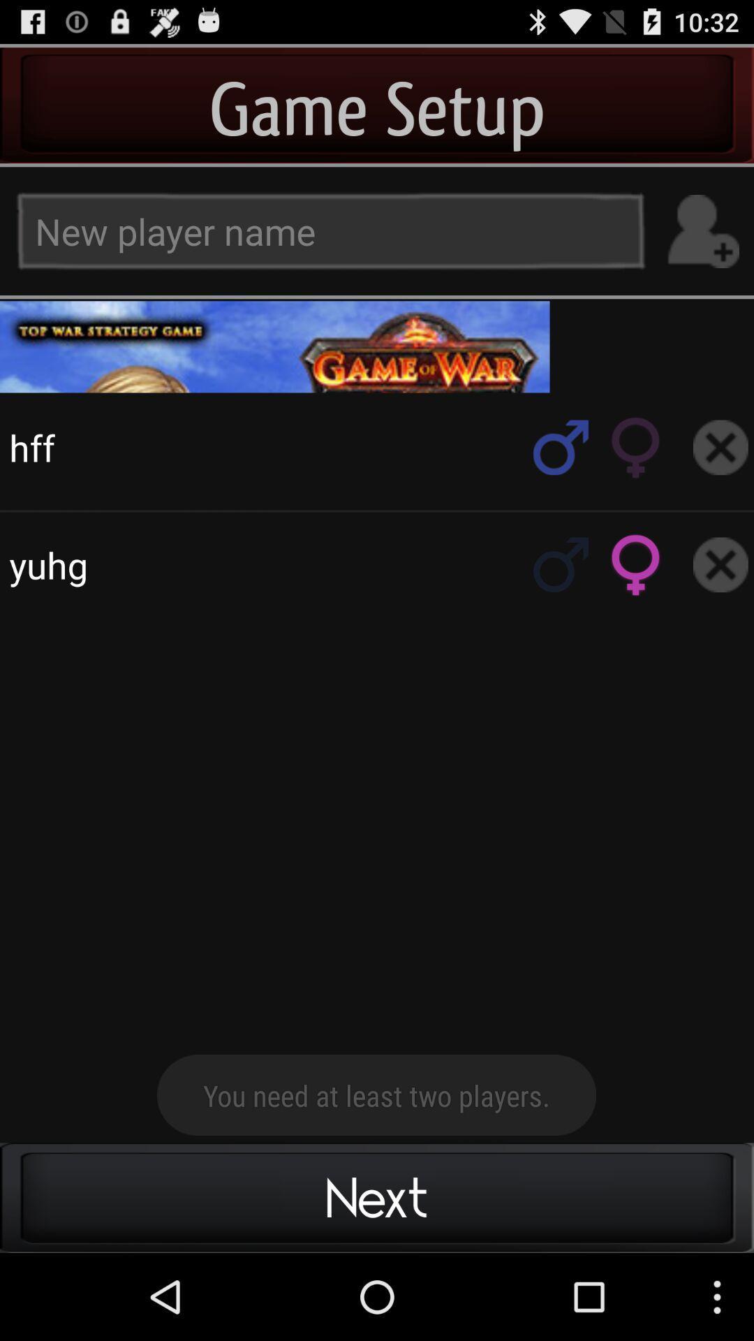  Describe the element at coordinates (636, 447) in the screenshot. I see `make character a female` at that location.